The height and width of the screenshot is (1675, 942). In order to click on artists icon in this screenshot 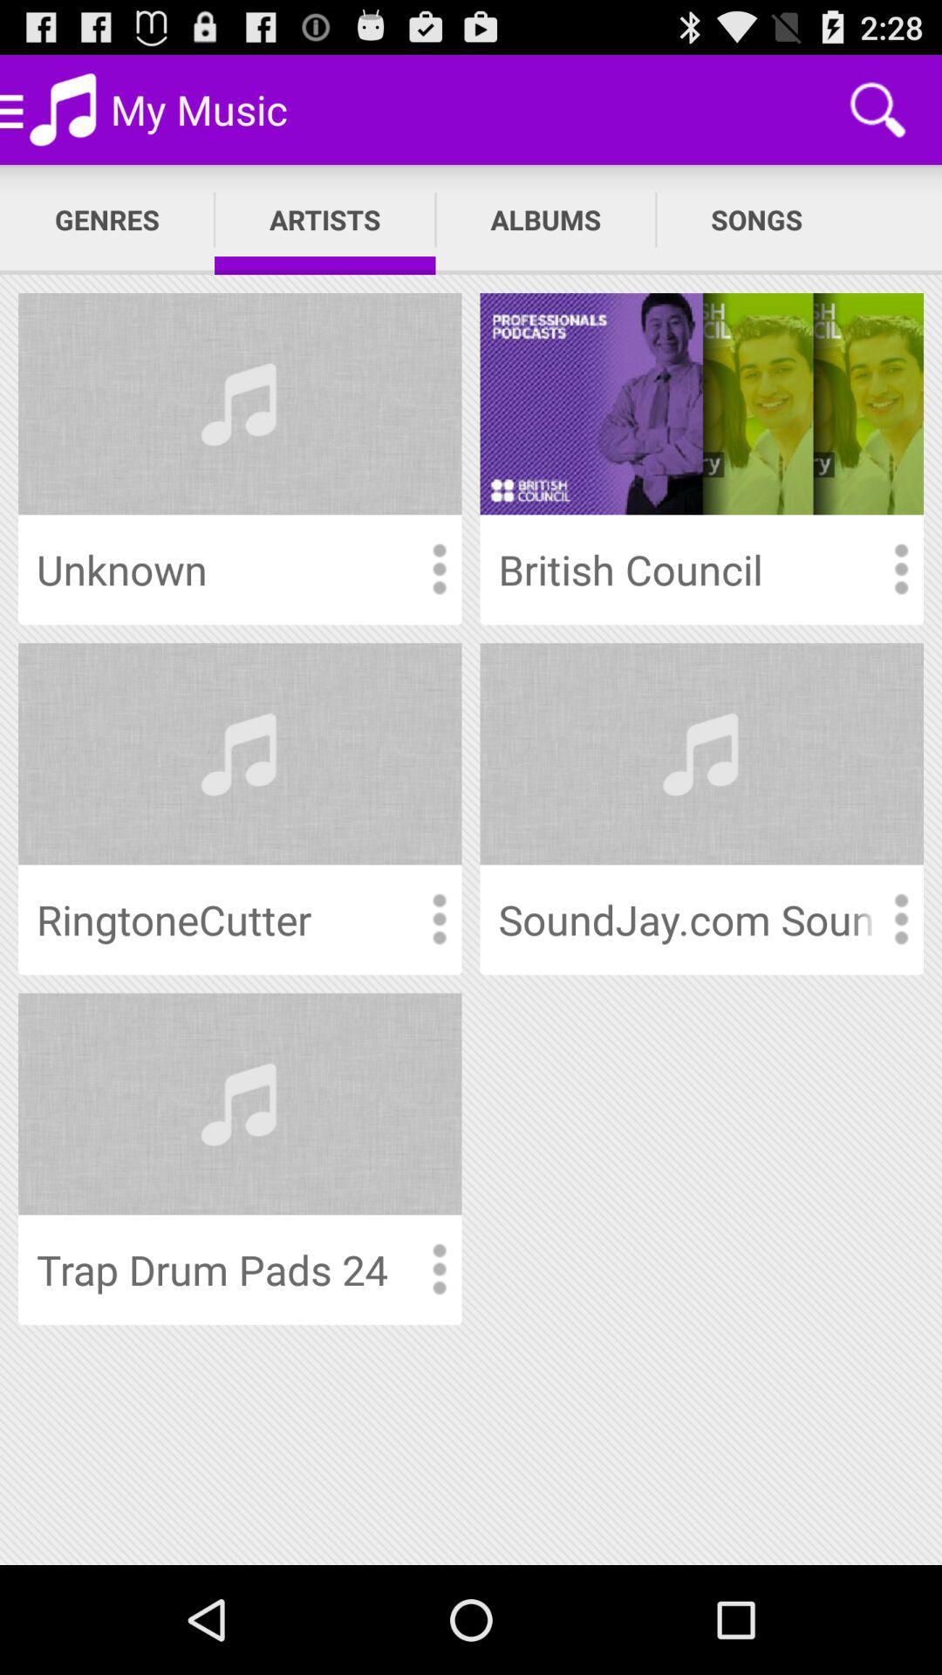, I will do `click(324, 219)`.